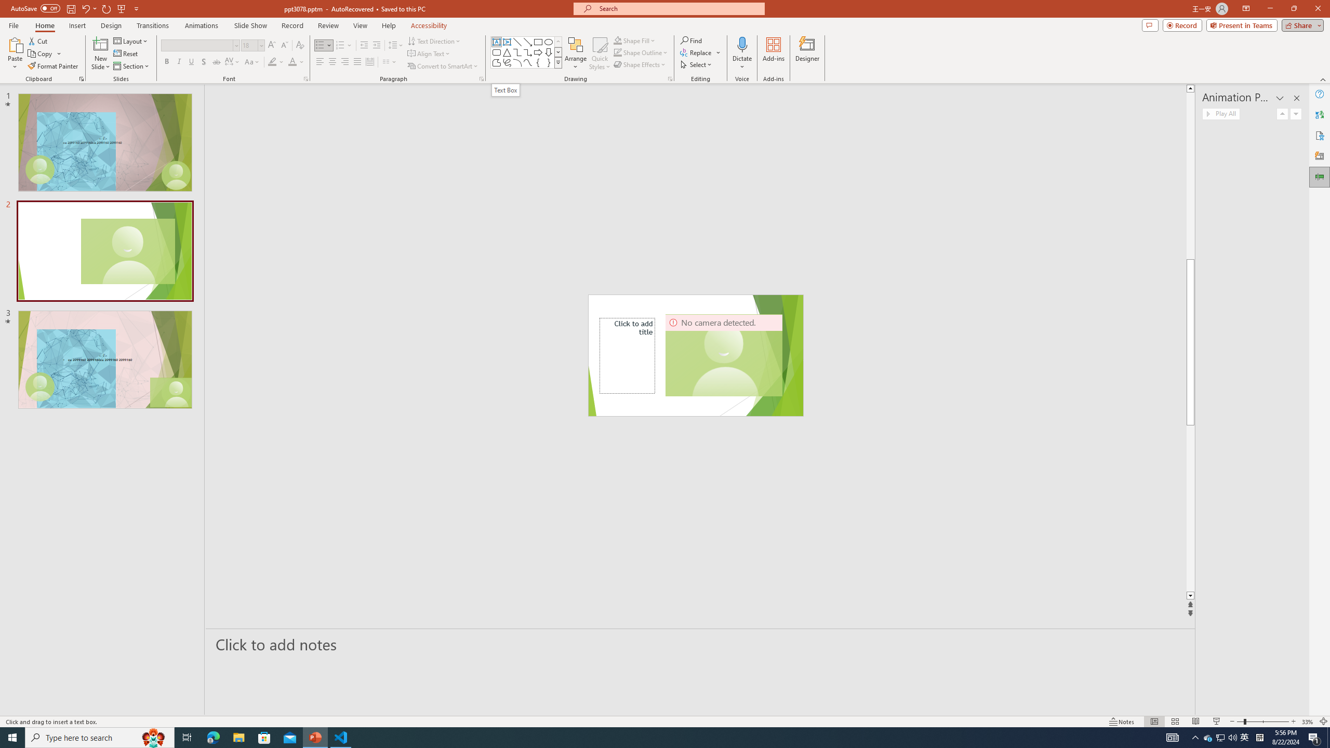  What do you see at coordinates (618, 51) in the screenshot?
I see `'Shape Outline Green, Accent 1'` at bounding box center [618, 51].